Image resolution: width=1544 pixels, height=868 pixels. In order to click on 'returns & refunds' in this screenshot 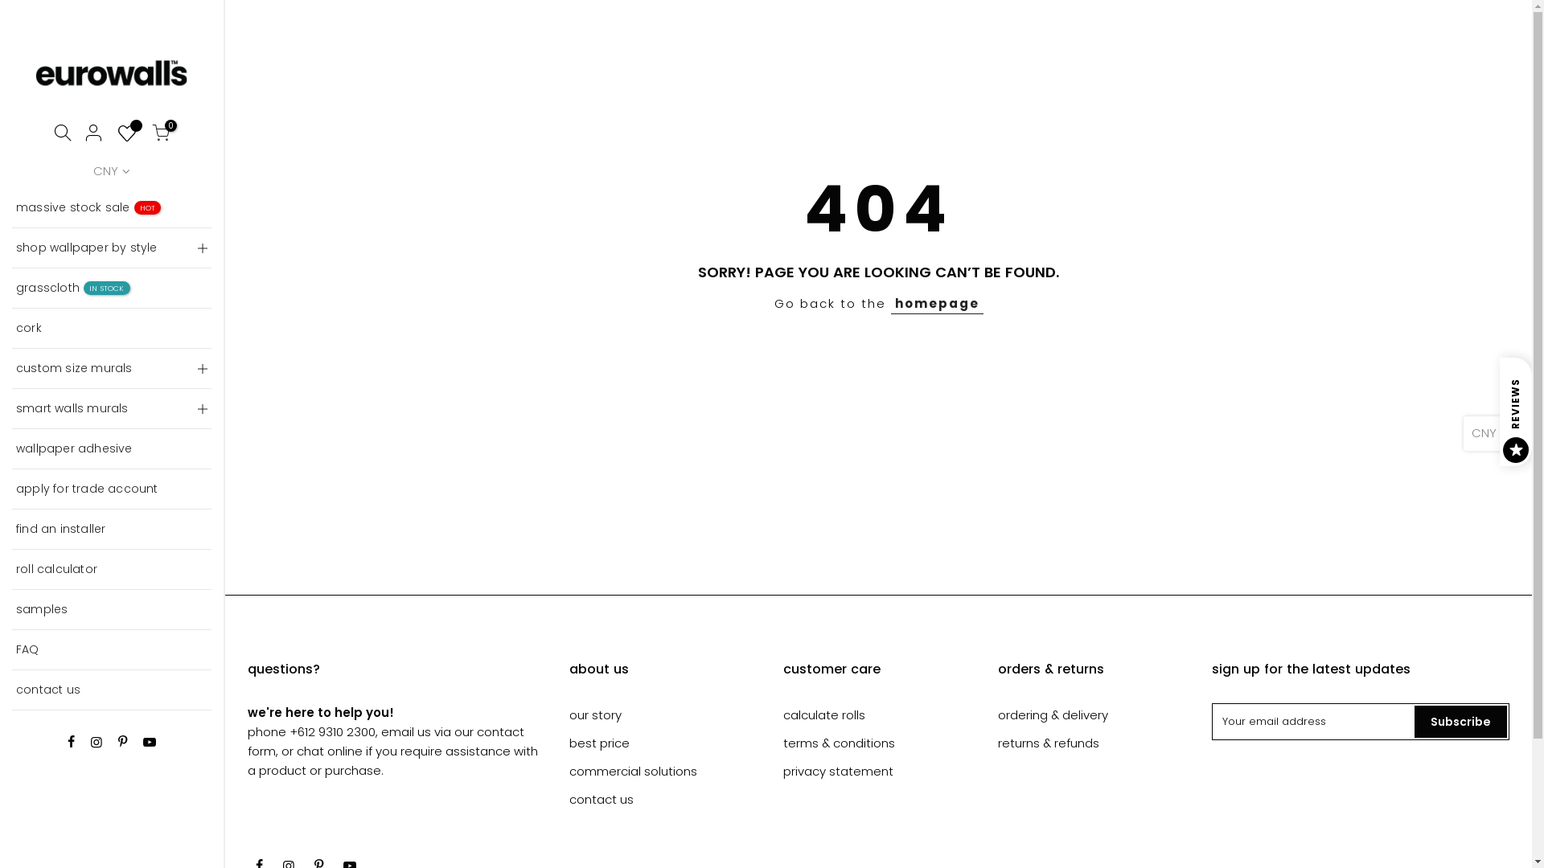, I will do `click(1049, 743)`.